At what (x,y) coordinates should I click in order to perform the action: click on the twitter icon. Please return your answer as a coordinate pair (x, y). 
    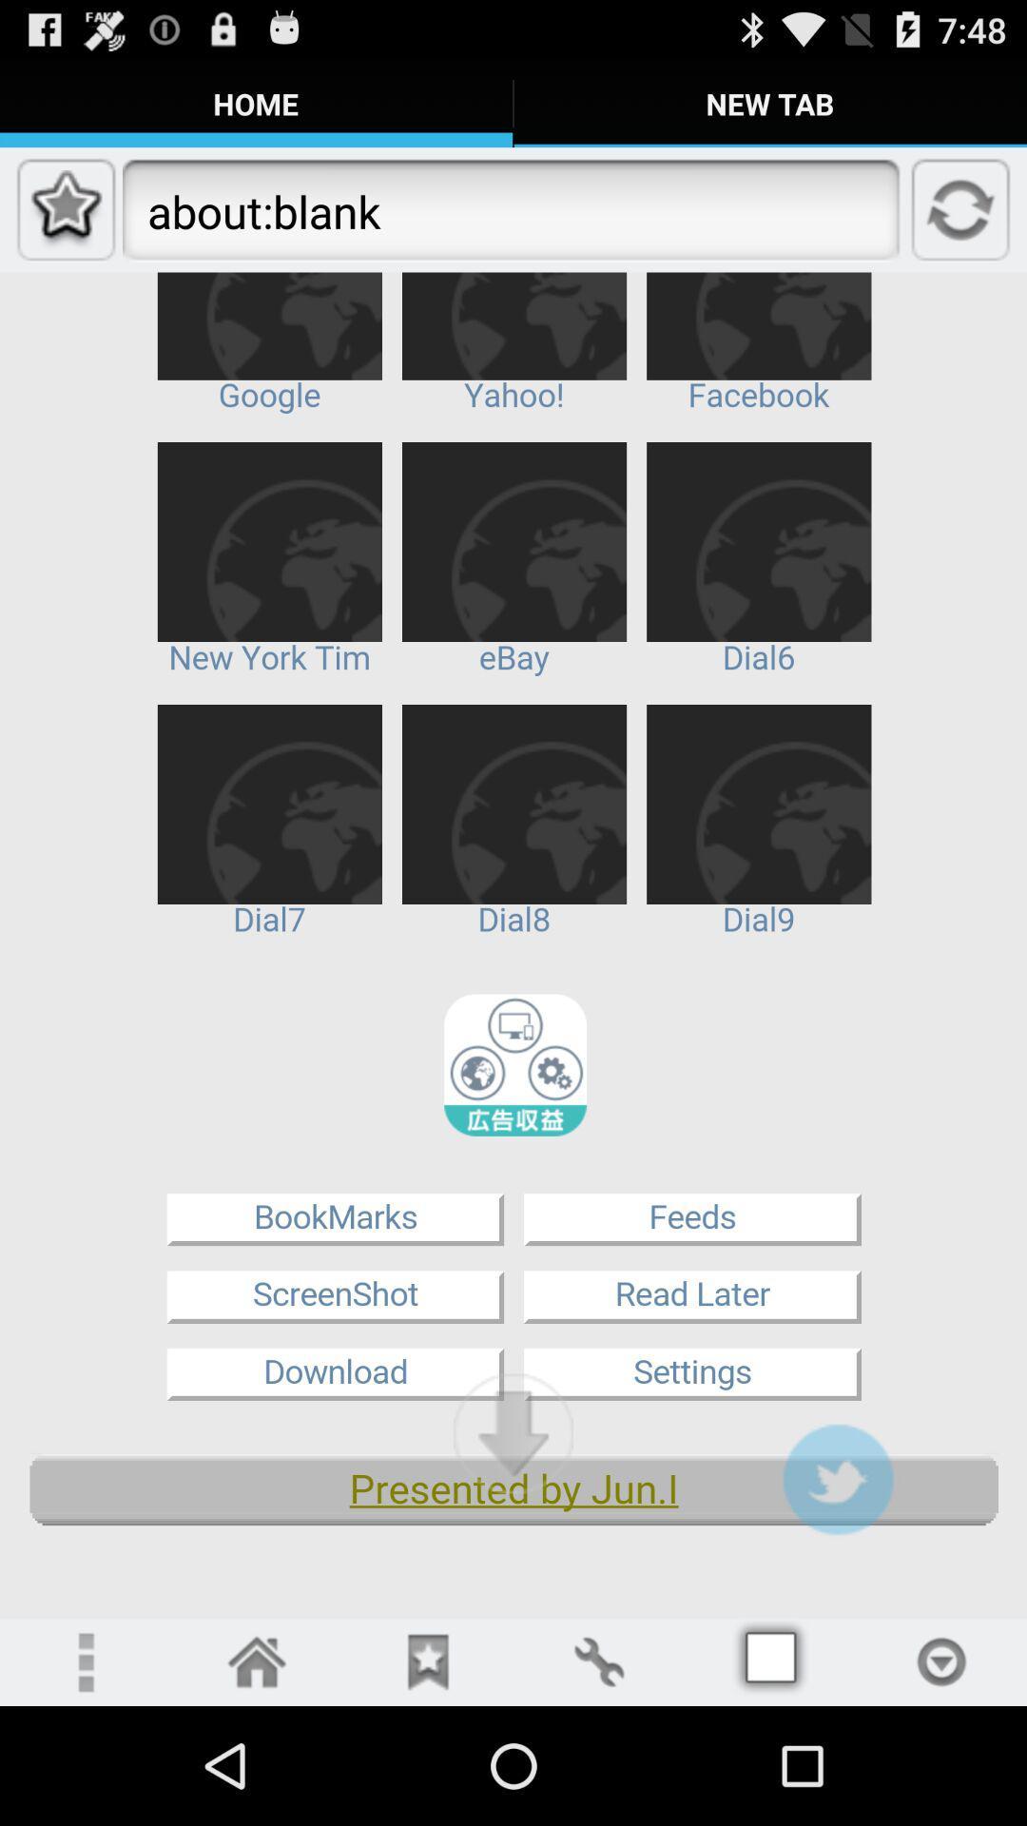
    Looking at the image, I should click on (837, 1583).